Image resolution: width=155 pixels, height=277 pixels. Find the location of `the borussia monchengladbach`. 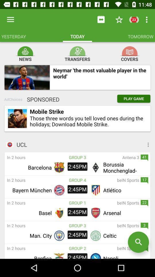

the borussia monchengladbach is located at coordinates (125, 167).